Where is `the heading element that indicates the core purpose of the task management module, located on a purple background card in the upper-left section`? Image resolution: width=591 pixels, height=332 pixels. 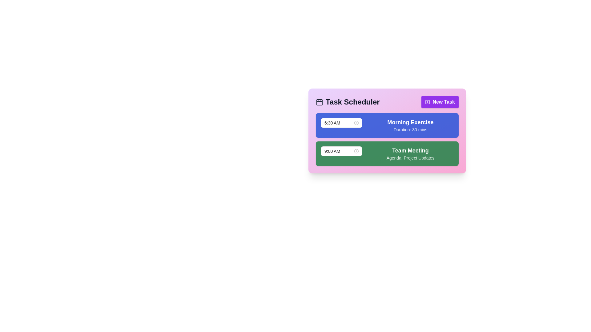
the heading element that indicates the core purpose of the task management module, located on a purple background card in the upper-left section is located at coordinates (352, 101).